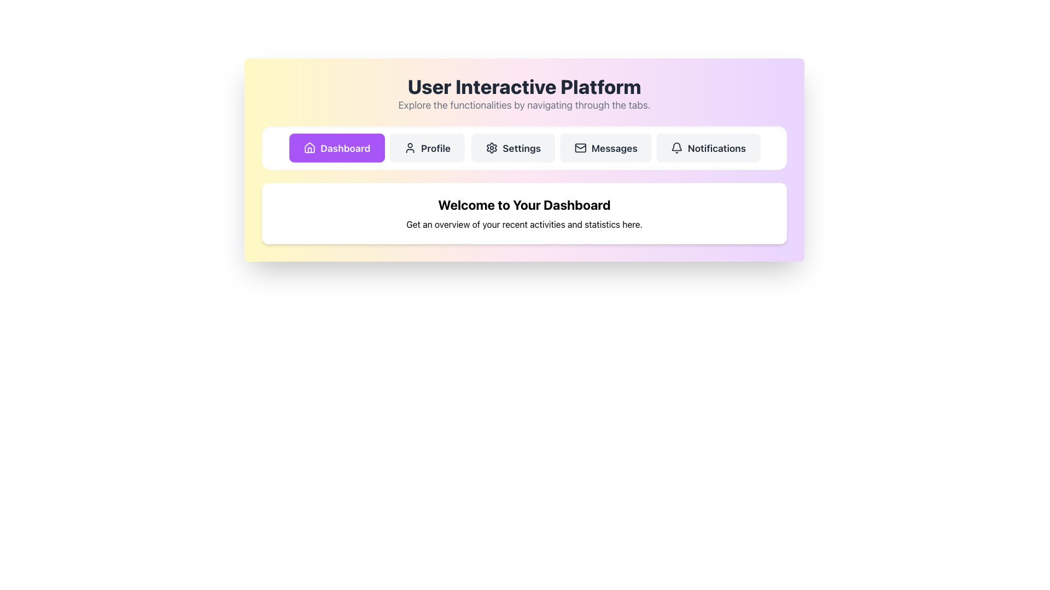  I want to click on the 'Profile' text label within the second button of the horizontal navigation bar, so click(435, 147).